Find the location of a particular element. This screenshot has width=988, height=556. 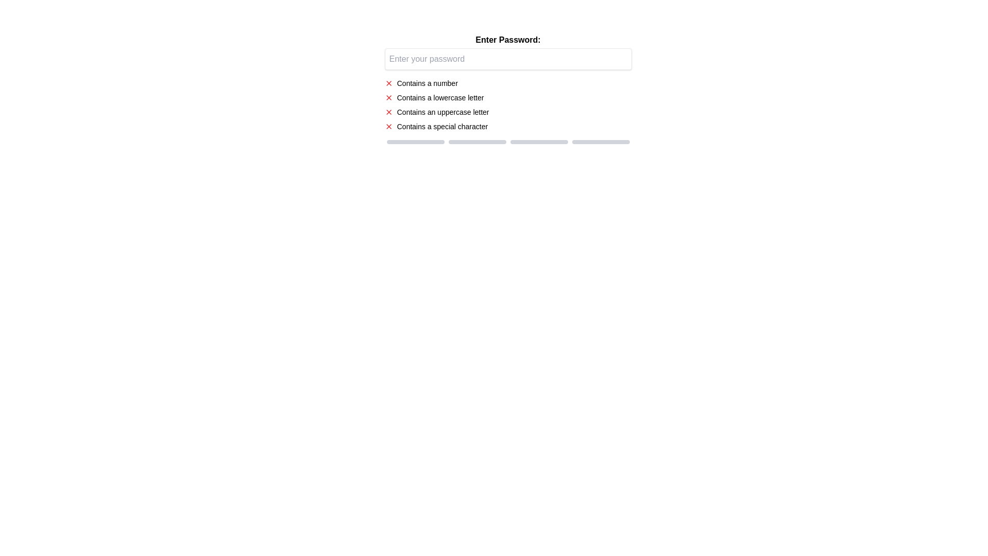

the visual status indicated by the fourth progress segment bar, which is a small, horizontally rectangular bar with rounded corners, styled in light gray color is located at coordinates (601, 142).